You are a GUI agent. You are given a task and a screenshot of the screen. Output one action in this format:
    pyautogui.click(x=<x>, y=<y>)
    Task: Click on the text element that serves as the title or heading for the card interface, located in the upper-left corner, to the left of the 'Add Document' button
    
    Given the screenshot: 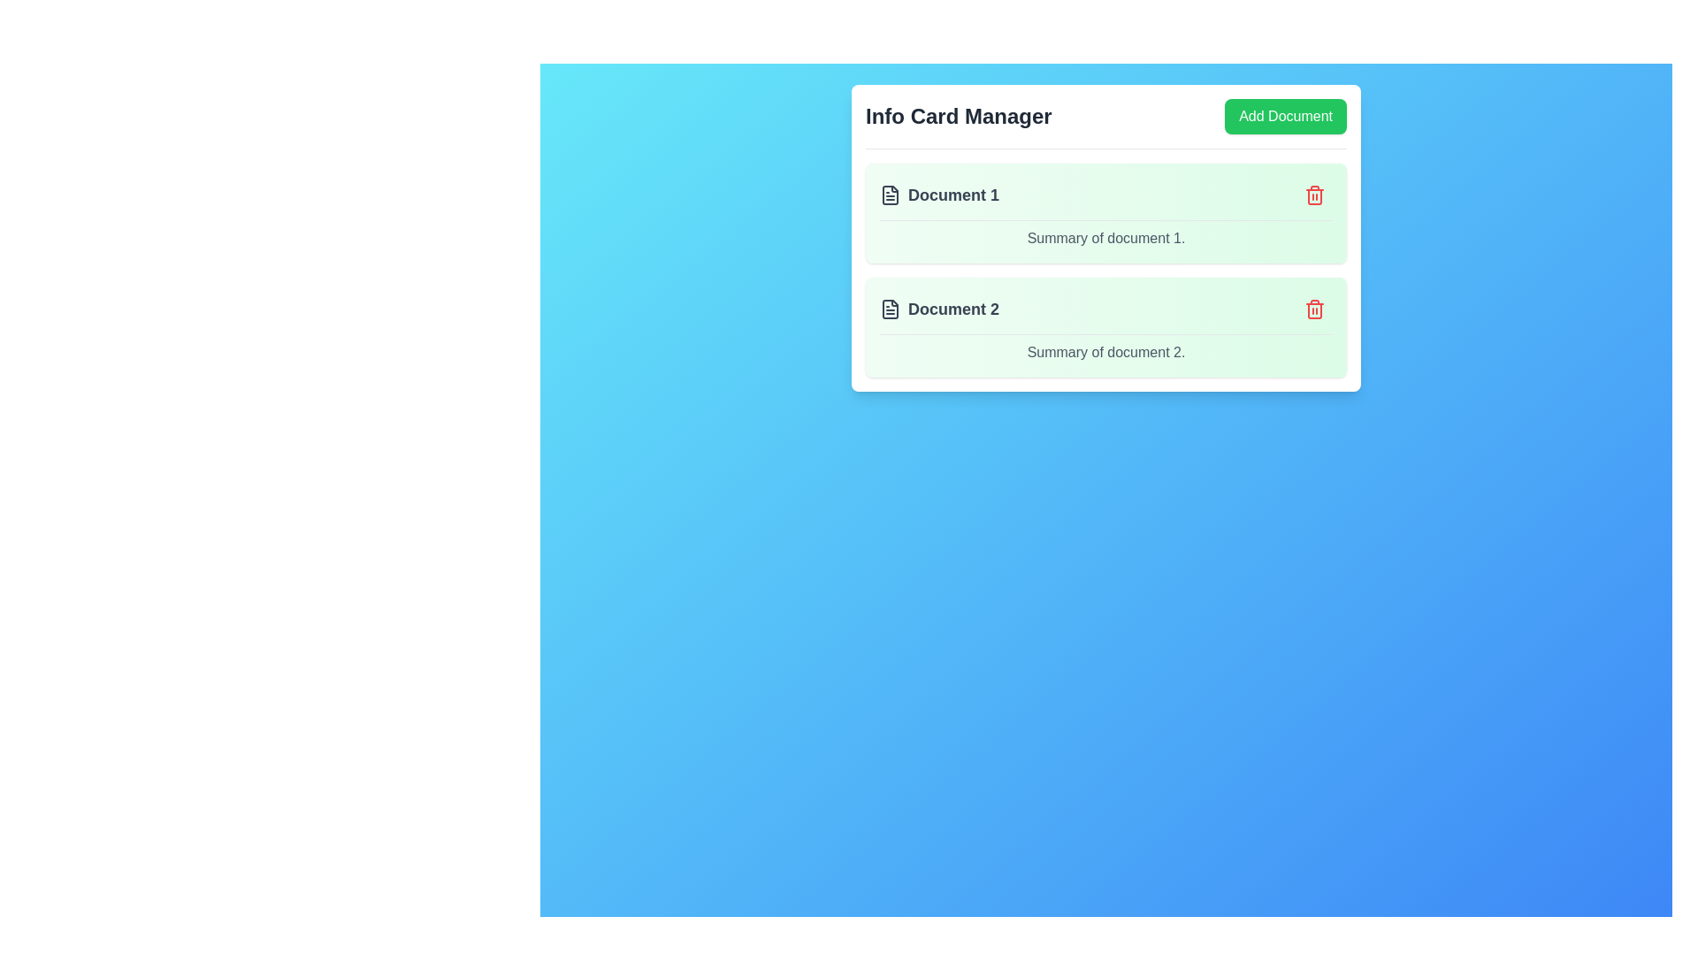 What is the action you would take?
    pyautogui.click(x=958, y=116)
    